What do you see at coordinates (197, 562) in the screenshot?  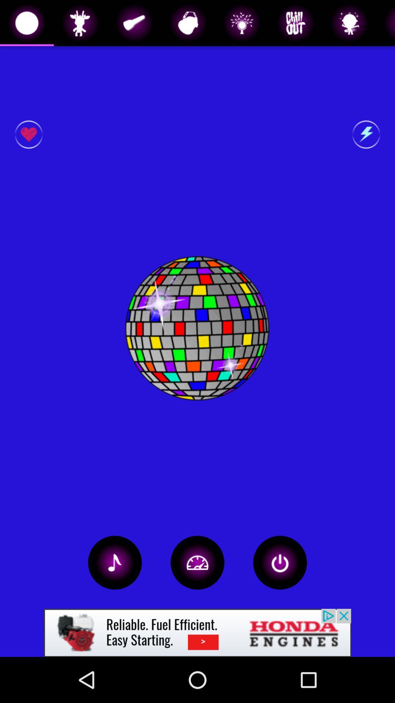 I see `change light` at bounding box center [197, 562].